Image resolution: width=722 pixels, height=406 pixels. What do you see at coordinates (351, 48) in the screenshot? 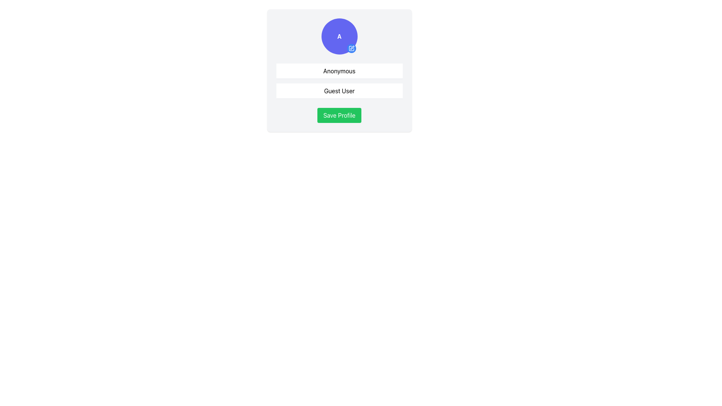
I see `the blue square-shaped icon with a pen symbol inside, located at the bottom-right corner of the avatar` at bounding box center [351, 48].